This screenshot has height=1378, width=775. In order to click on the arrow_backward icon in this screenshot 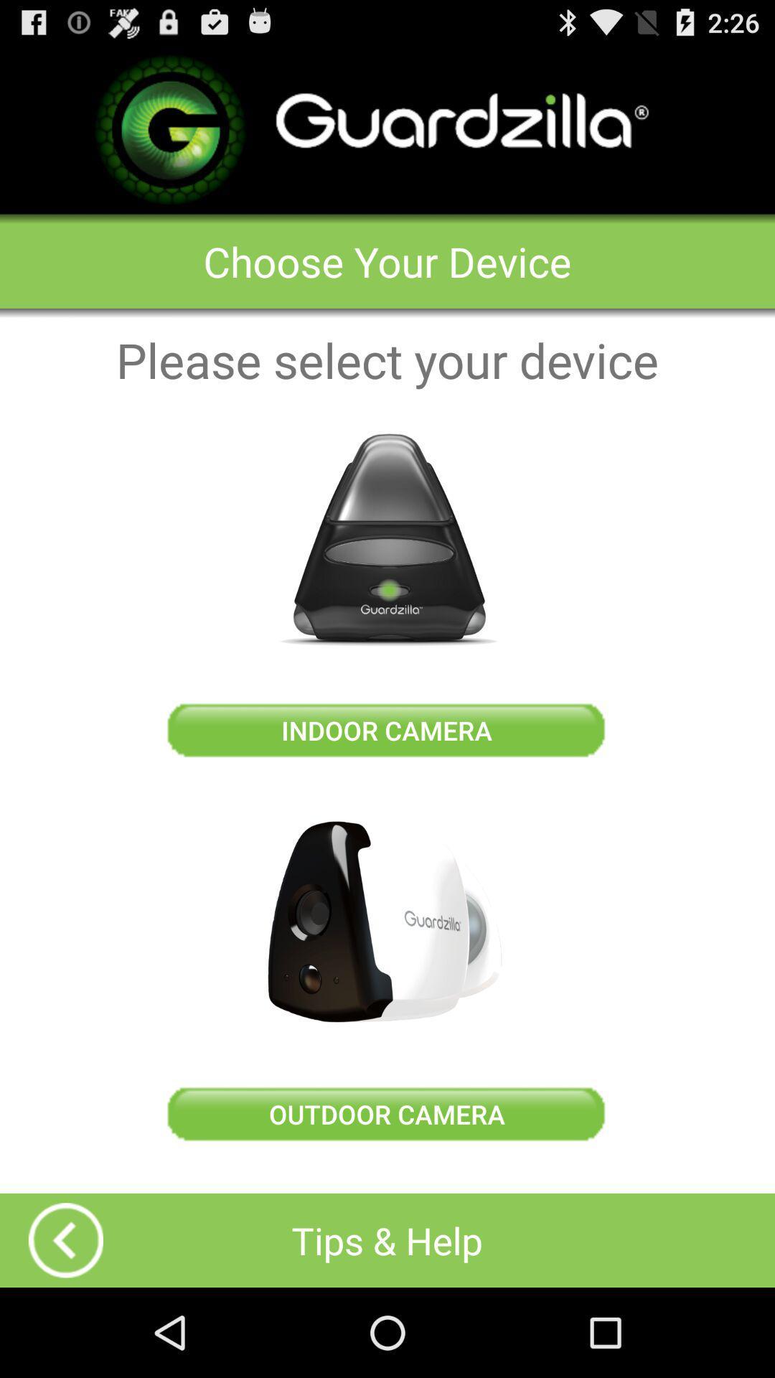, I will do `click(66, 1326)`.